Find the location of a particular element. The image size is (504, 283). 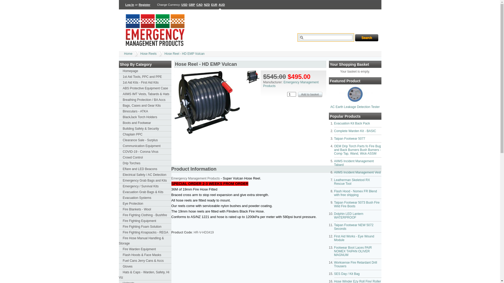

'Complete Warden Kit - BASIC' is located at coordinates (355, 131).